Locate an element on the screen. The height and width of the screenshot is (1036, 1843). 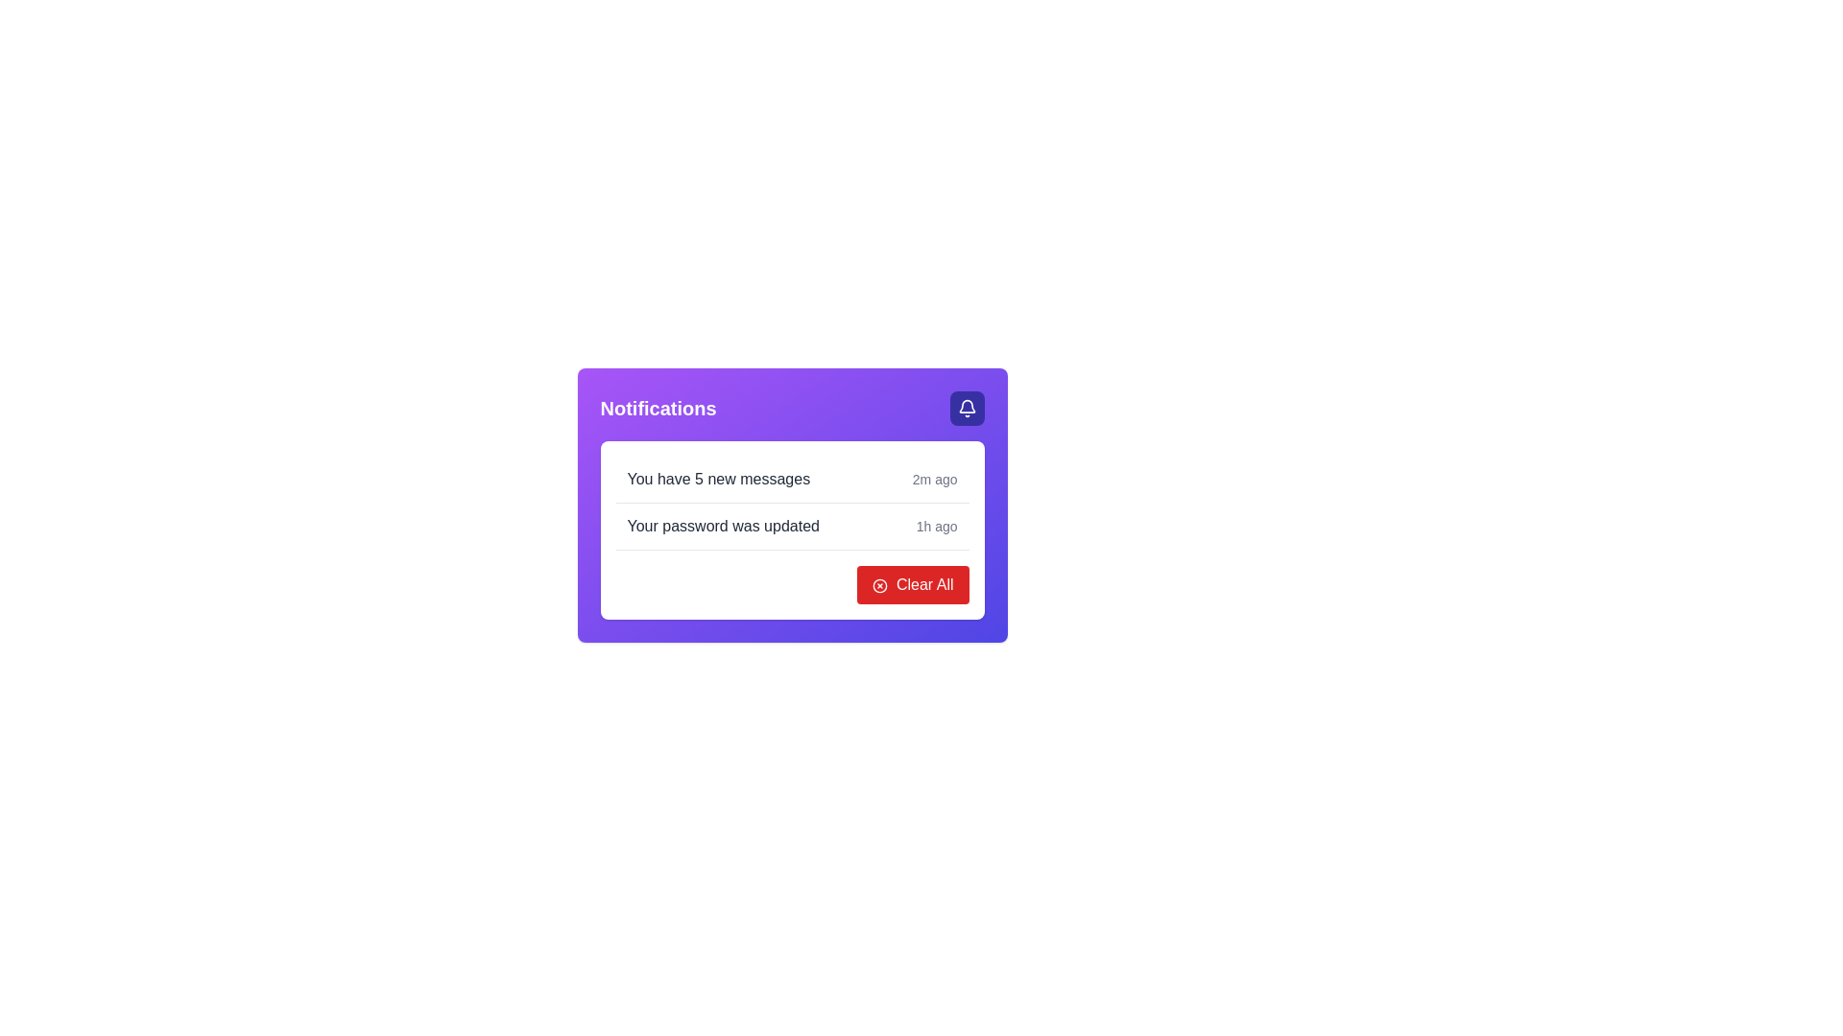
the notification icon located in the top-right corner of the notification UI component, which has a rounded indigo background is located at coordinates (967, 407).